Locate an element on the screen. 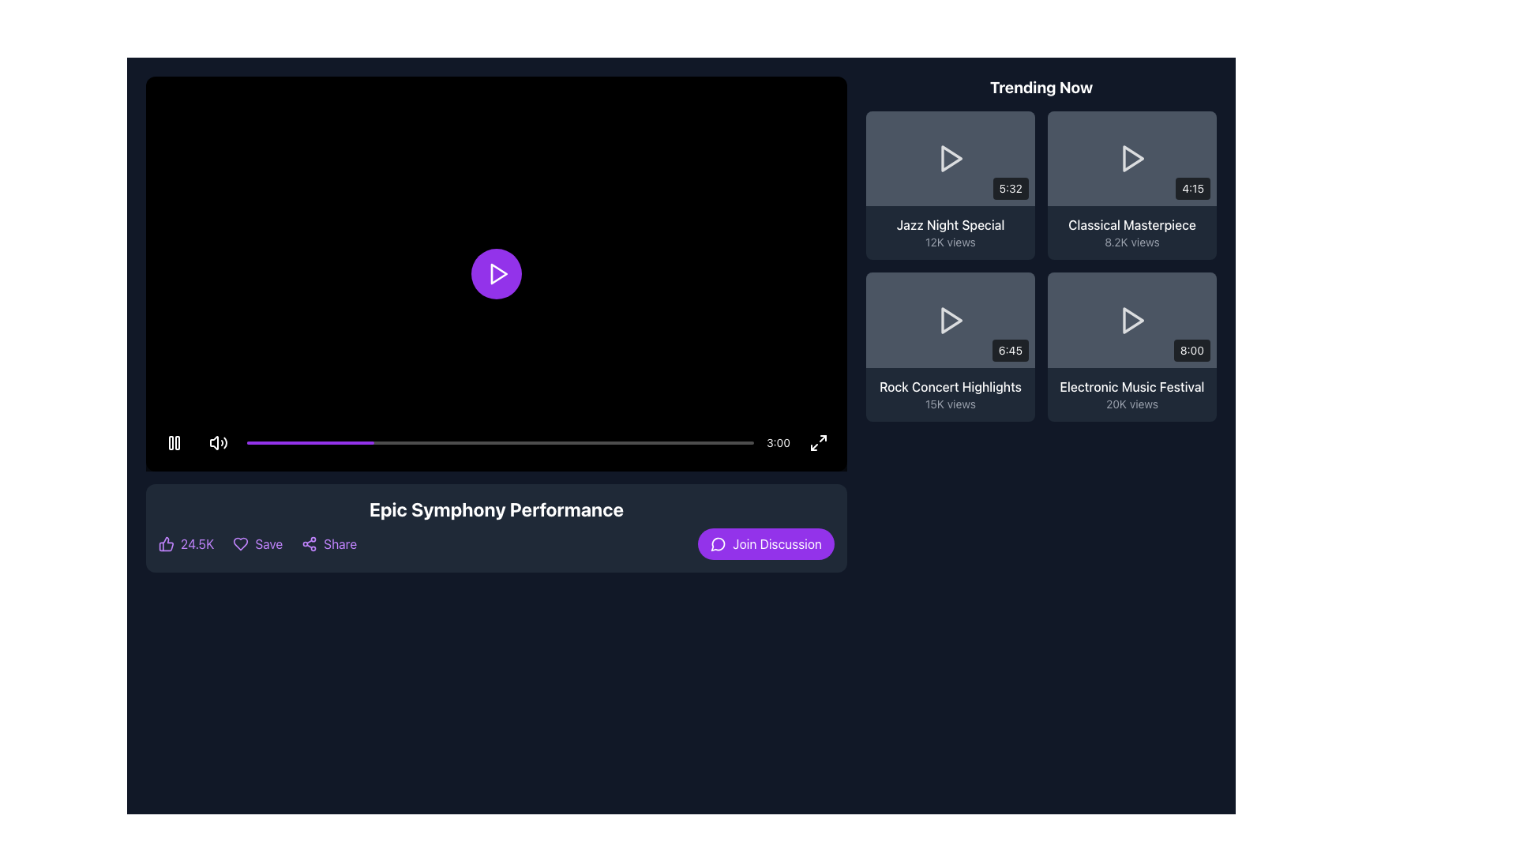  the interactive button representing likes or upvotes for the video, located on the left side of the bar below the video area is located at coordinates (186, 543).